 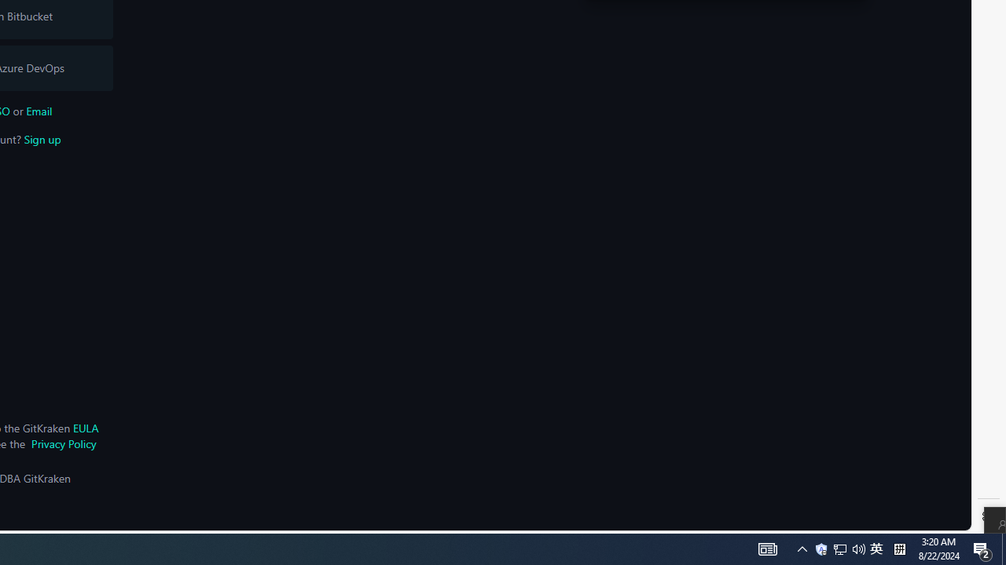 What do you see at coordinates (63, 443) in the screenshot?
I see `'Privacy Policy'` at bounding box center [63, 443].